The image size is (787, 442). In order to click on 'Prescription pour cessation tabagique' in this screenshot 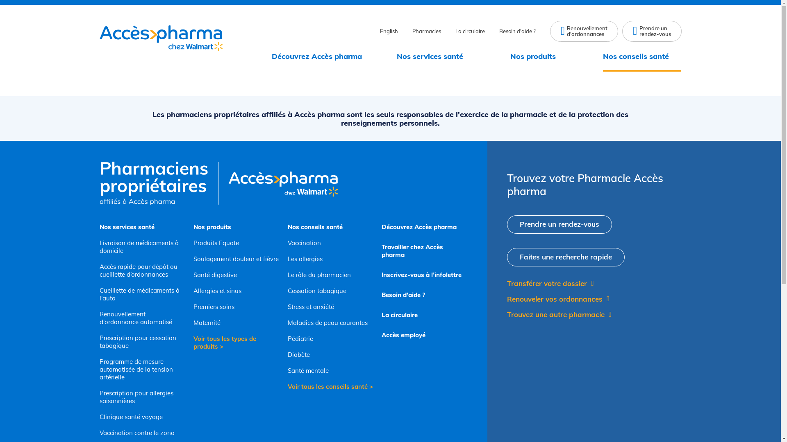, I will do `click(142, 341)`.